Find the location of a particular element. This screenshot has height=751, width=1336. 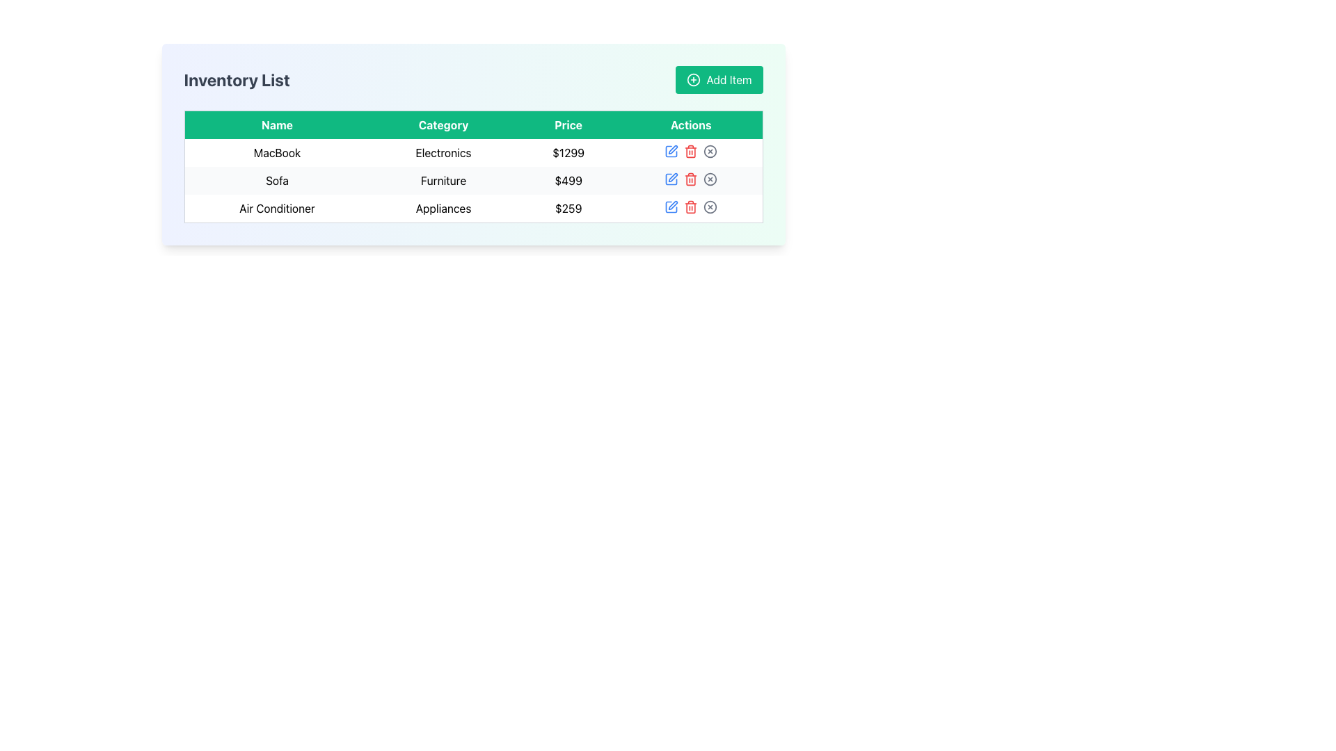

the red trash bin icon button in the Actions column of the Sofa item row in the inventory list to observe its hover effects is located at coordinates (691, 179).